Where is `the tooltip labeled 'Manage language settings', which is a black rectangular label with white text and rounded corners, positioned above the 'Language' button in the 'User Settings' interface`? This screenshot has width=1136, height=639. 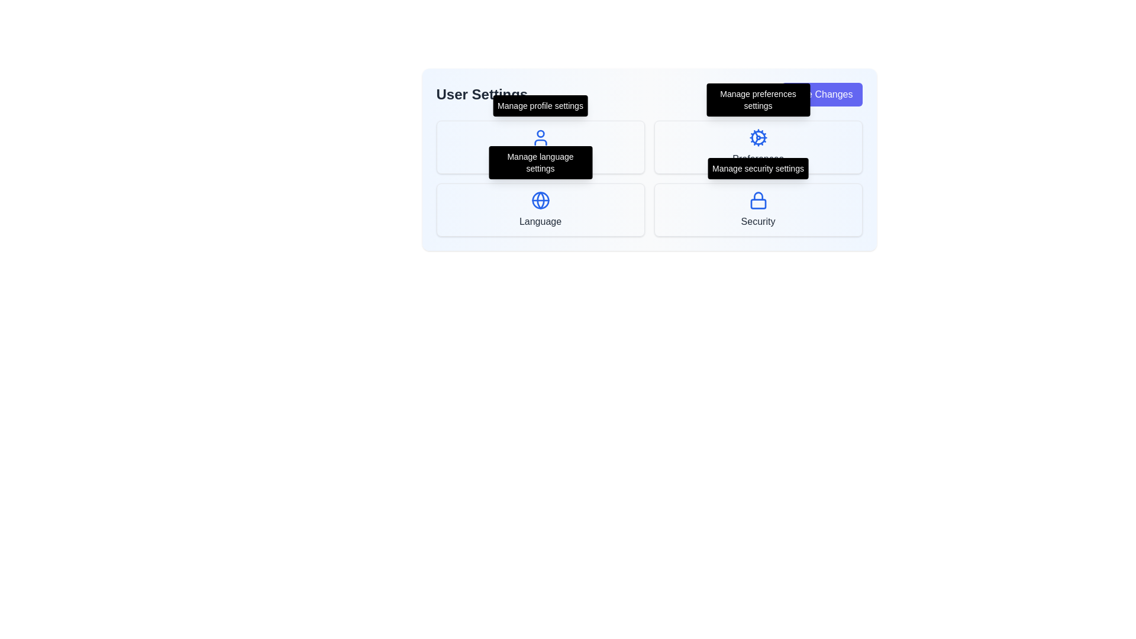
the tooltip labeled 'Manage language settings', which is a black rectangular label with white text and rounded corners, positioned above the 'Language' button in the 'User Settings' interface is located at coordinates (540, 162).